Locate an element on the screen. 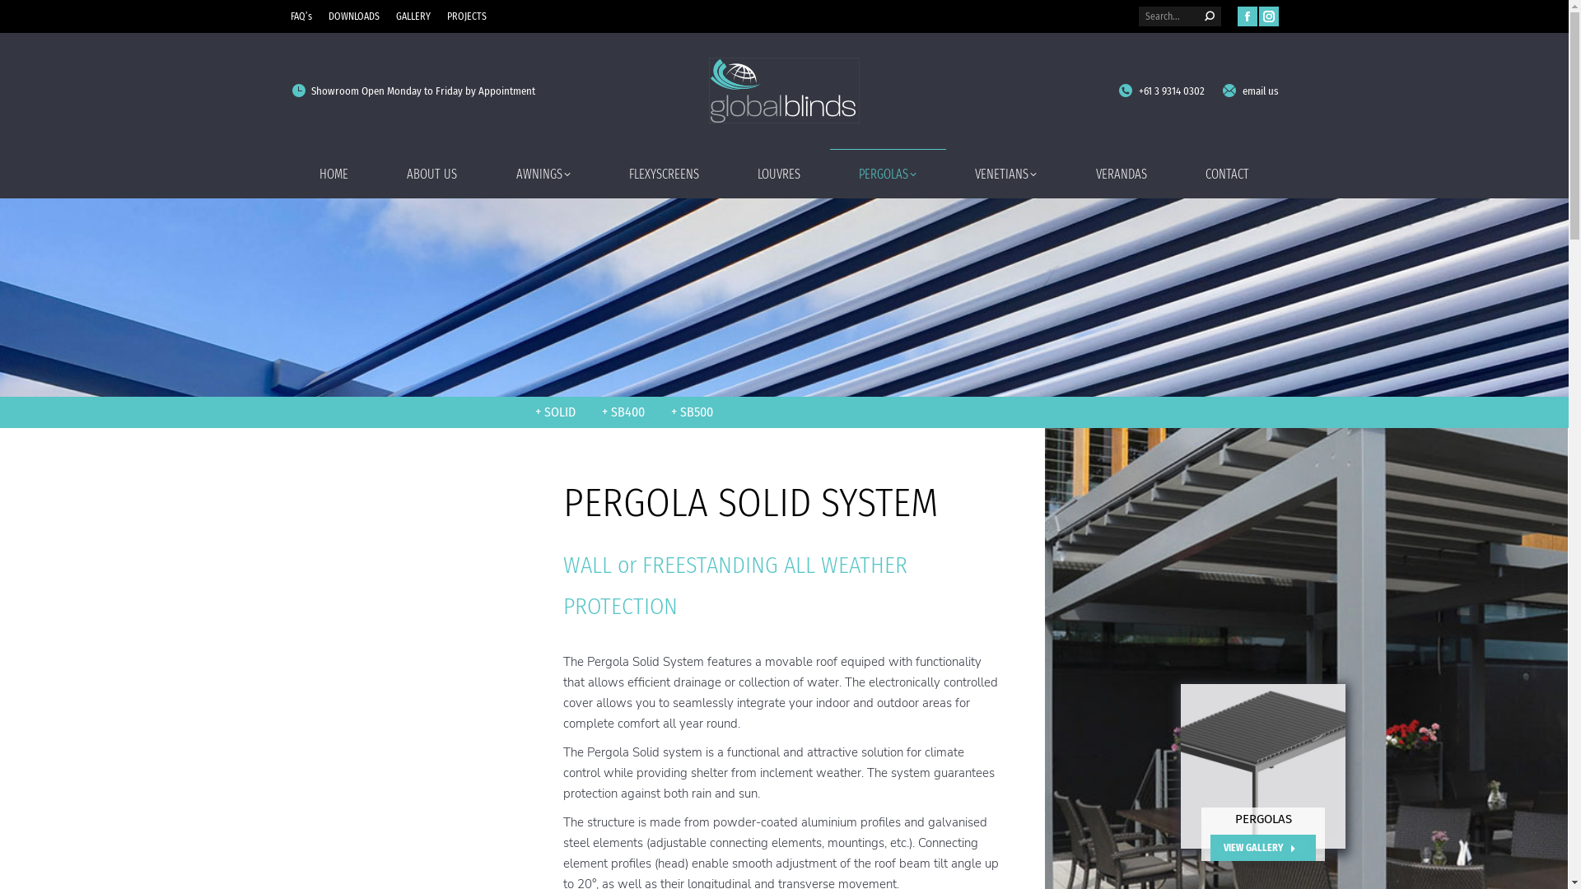 This screenshot has height=889, width=1581. 'PROJECTS' is located at coordinates (465, 16).